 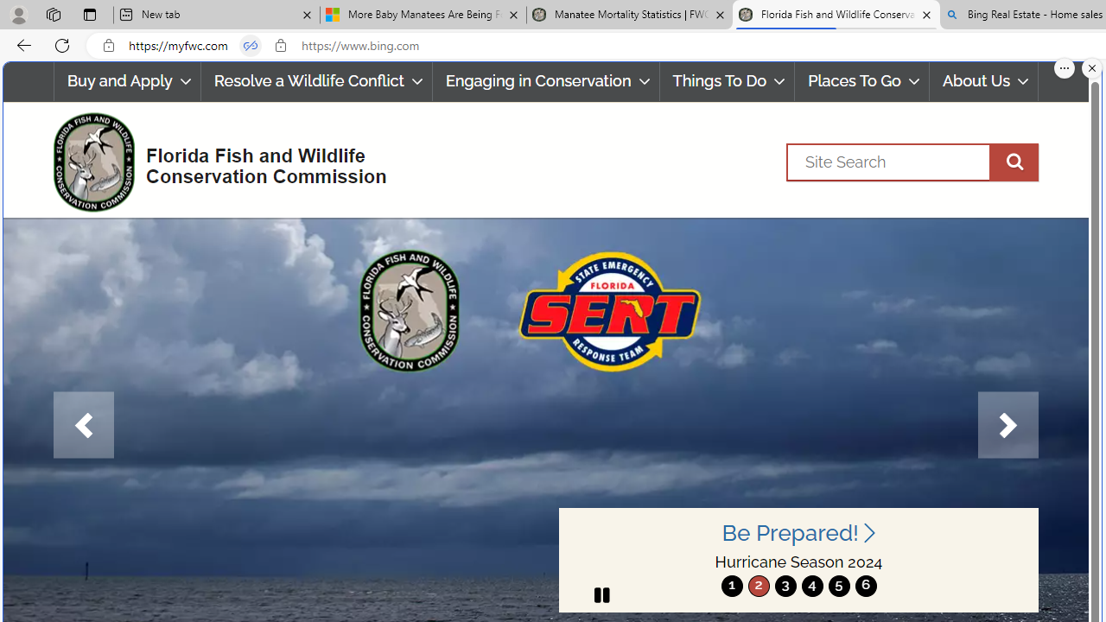 I want to click on 'Manatee Mortality Statistics | FWC', so click(x=629, y=15).